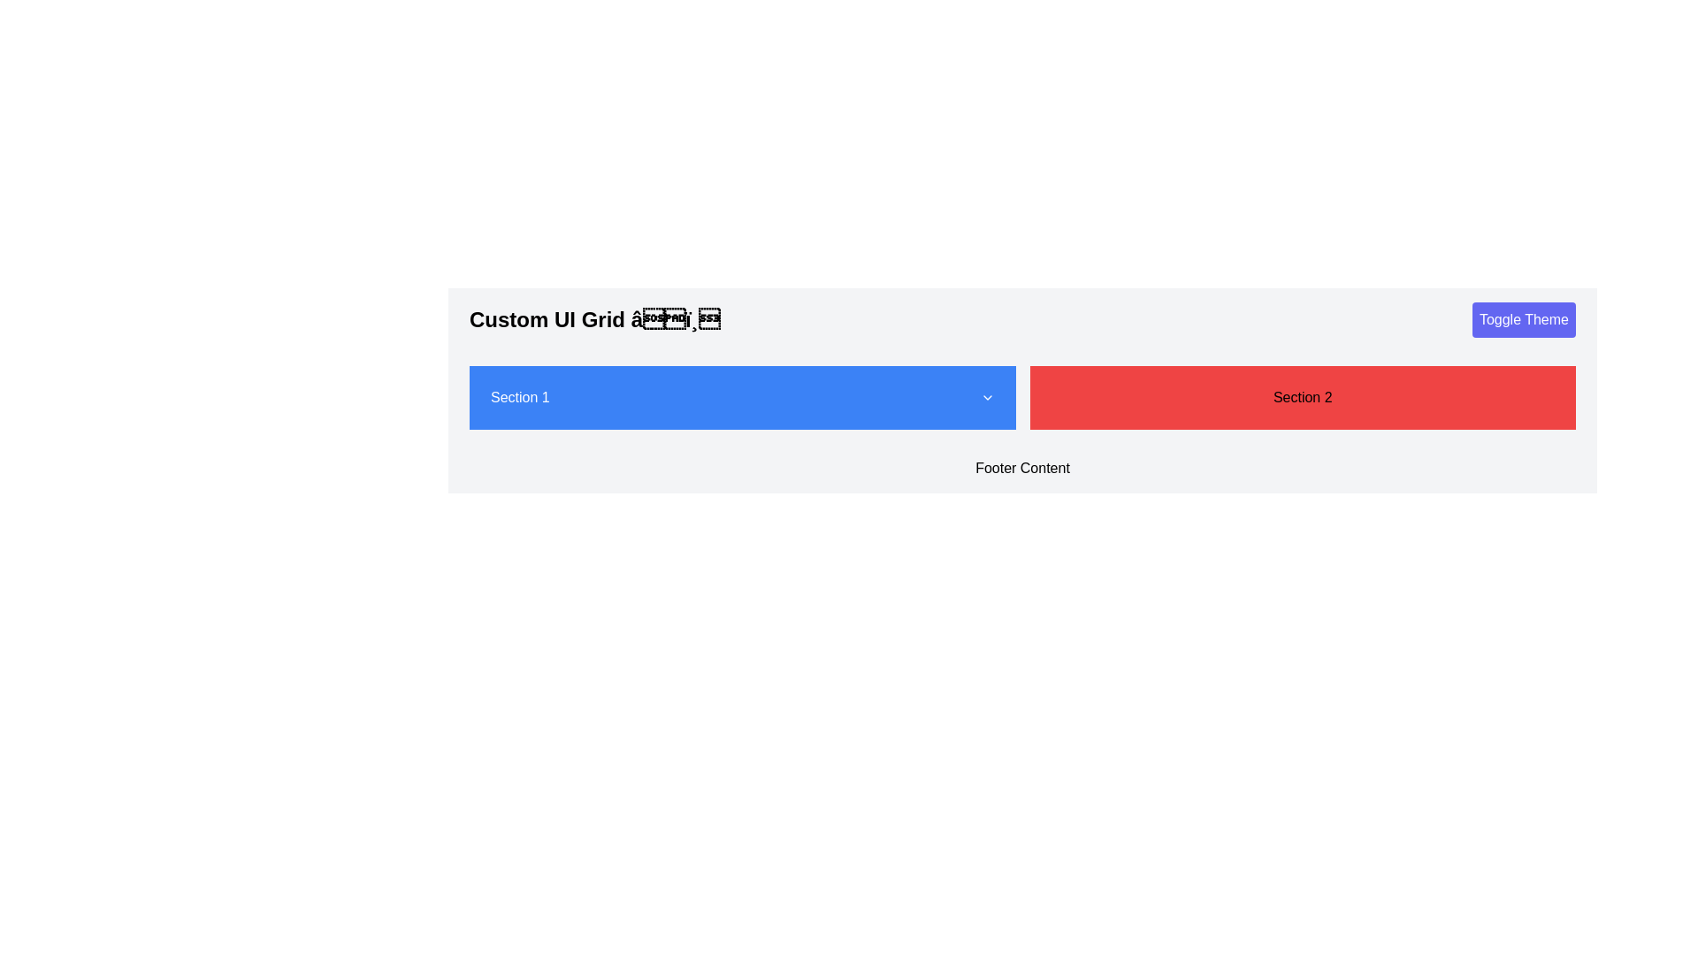 Image resolution: width=1698 pixels, height=955 pixels. I want to click on the static text display header that contains the bold, large-heading text 'Custom UI Grid' followed by a sun symbol (☀️), located in the header section, so click(594, 320).